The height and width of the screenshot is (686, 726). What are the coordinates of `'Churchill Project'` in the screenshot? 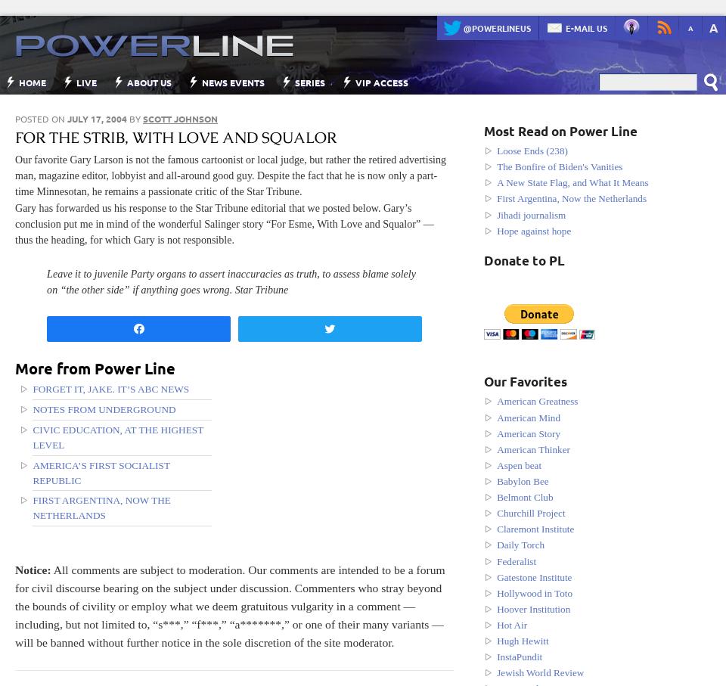 It's located at (530, 512).